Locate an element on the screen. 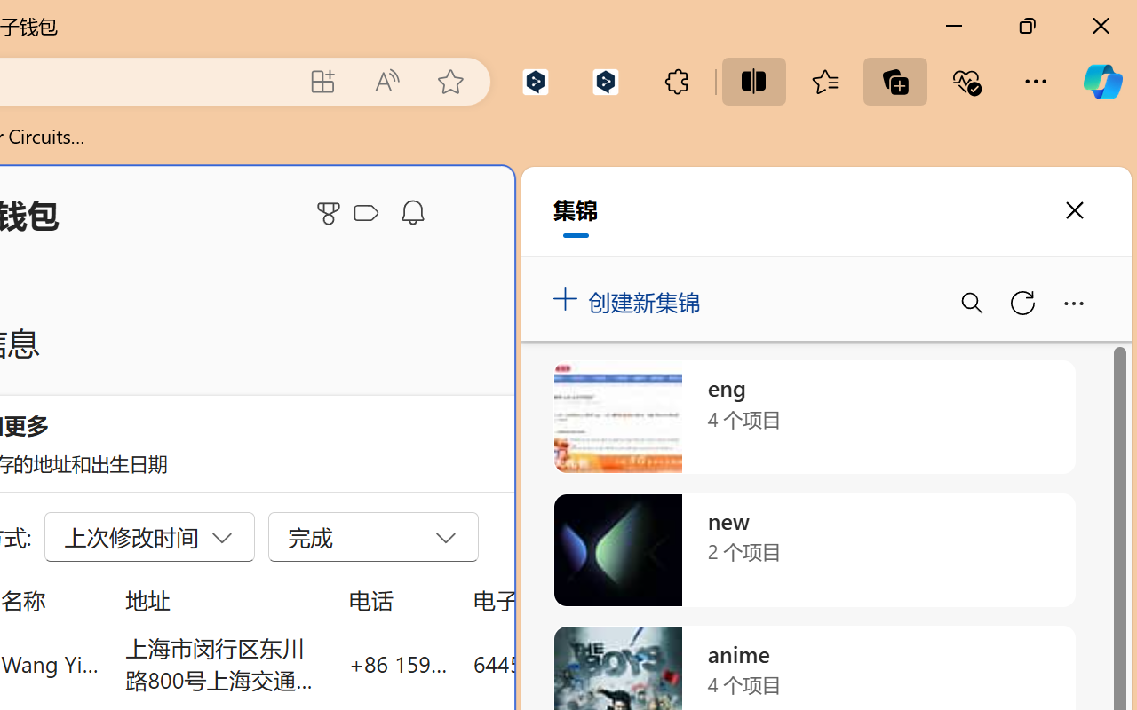 This screenshot has height=710, width=1137. 'Microsoft Rewards' is located at coordinates (331, 212).